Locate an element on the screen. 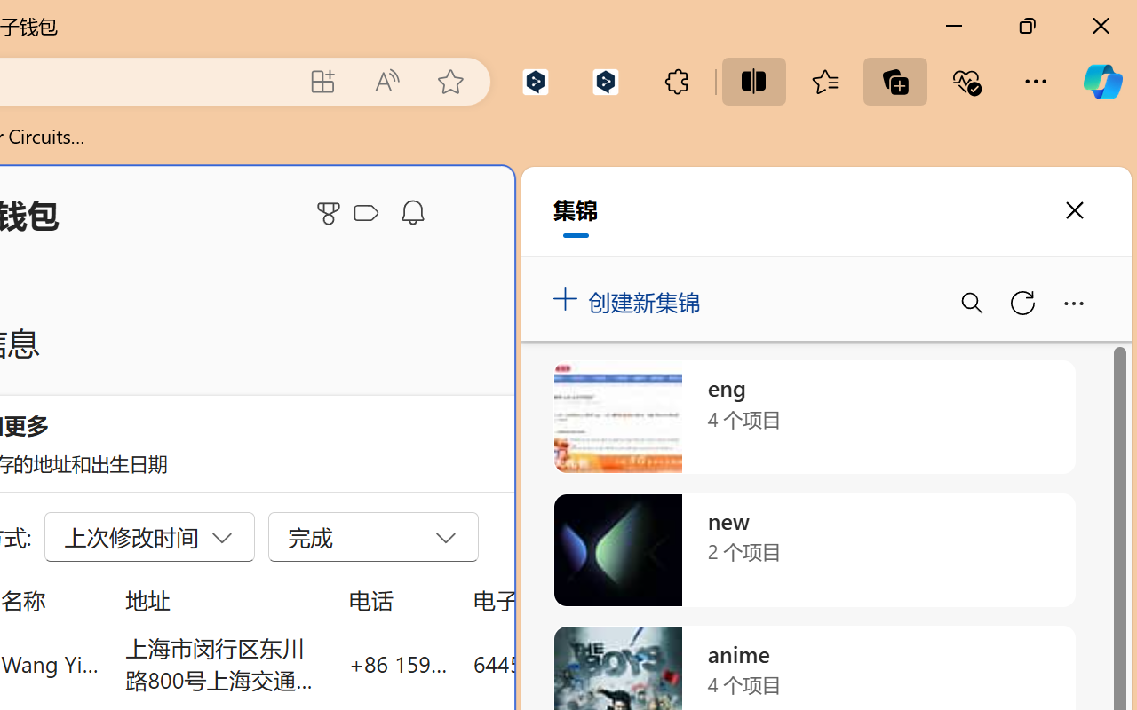 This screenshot has height=710, width=1137. 'Microsoft Rewards' is located at coordinates (331, 212).